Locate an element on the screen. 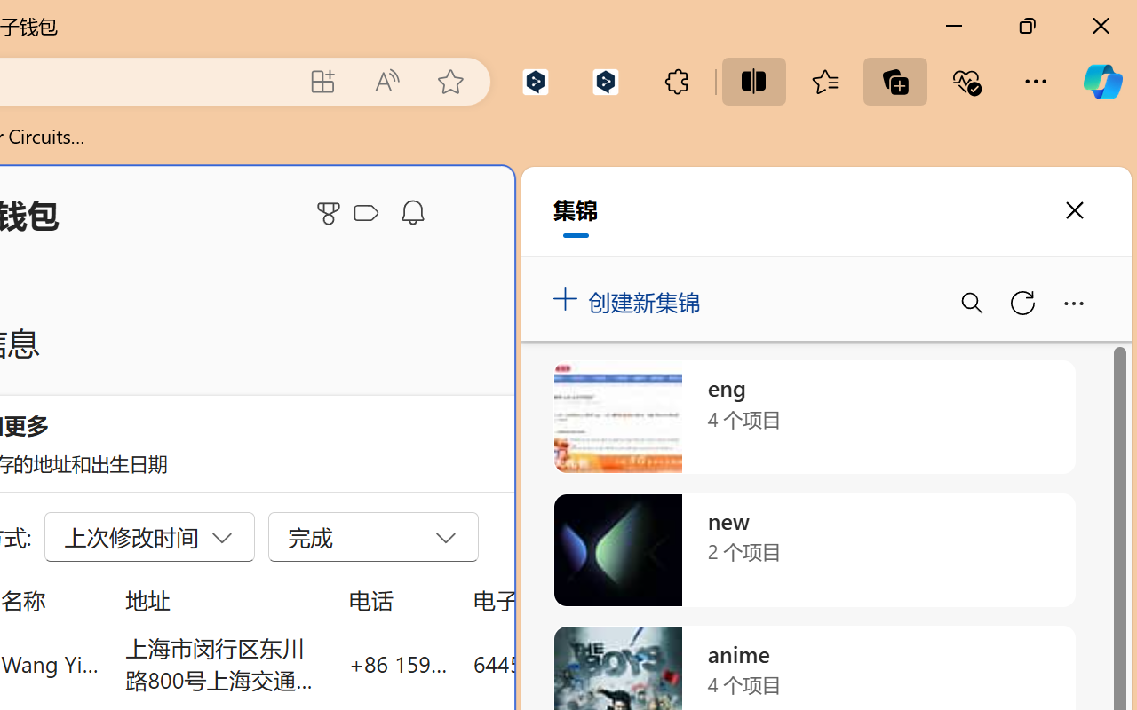 This screenshot has height=710, width=1137. 'Microsoft Rewards' is located at coordinates (331, 212).